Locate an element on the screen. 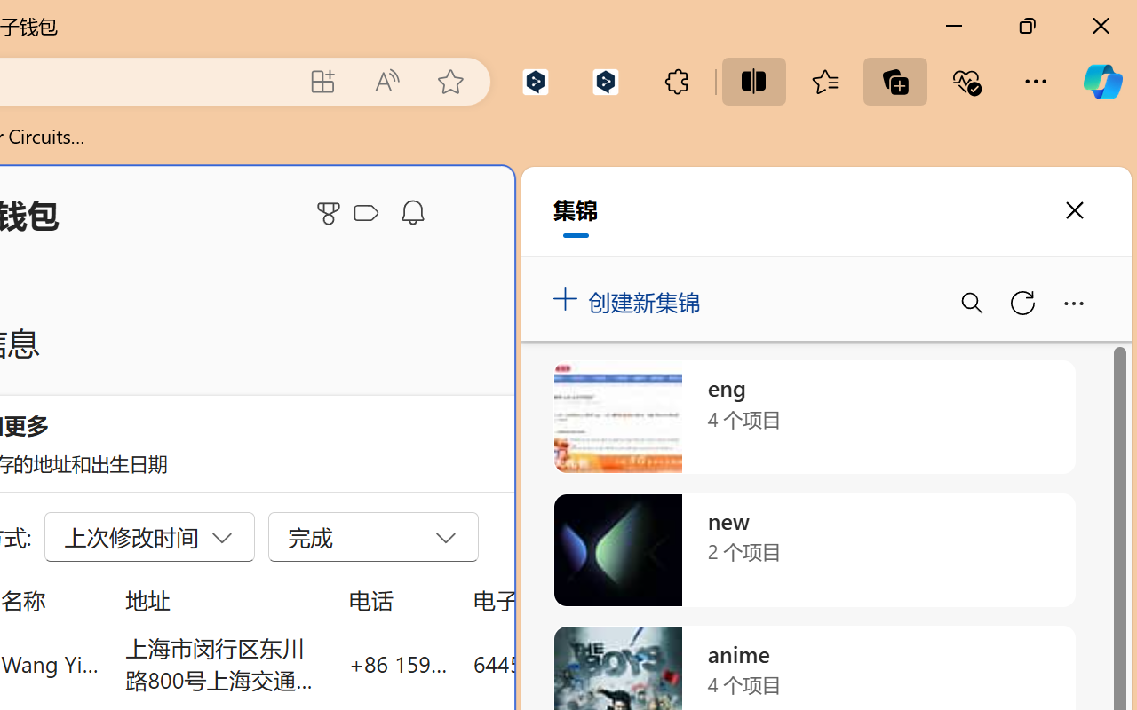 This screenshot has height=710, width=1137. 'Microsoft Rewards' is located at coordinates (331, 212).